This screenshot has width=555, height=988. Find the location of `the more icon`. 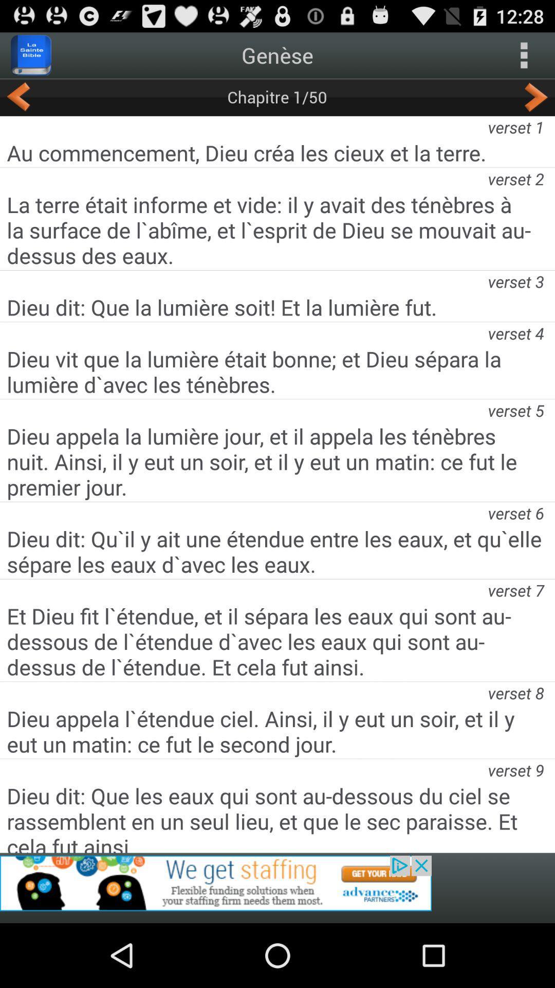

the more icon is located at coordinates (524, 59).